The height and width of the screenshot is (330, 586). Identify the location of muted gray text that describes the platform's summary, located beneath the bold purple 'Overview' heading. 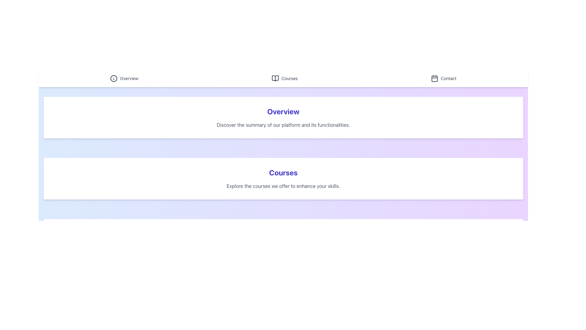
(283, 124).